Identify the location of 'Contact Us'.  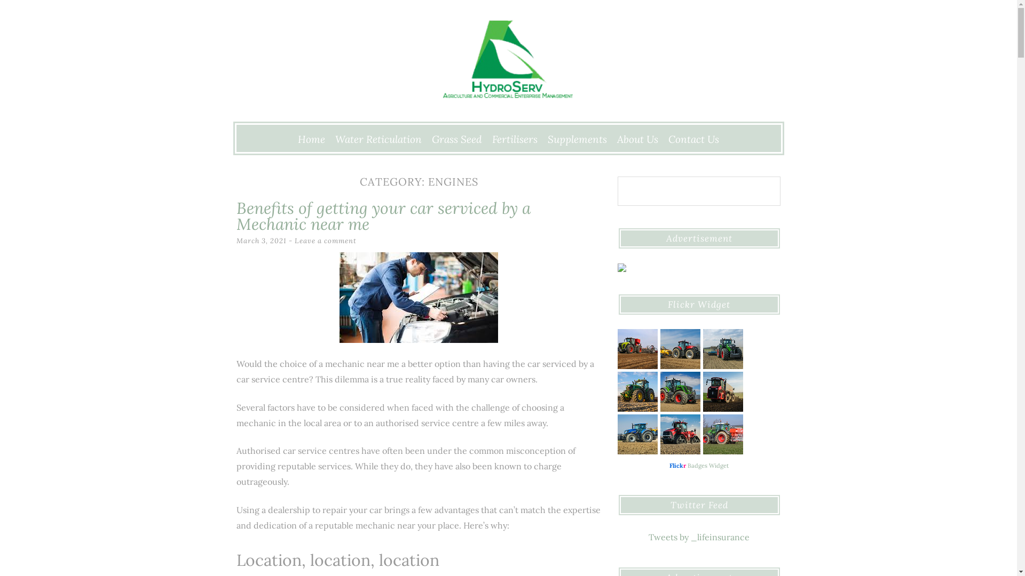
(693, 139).